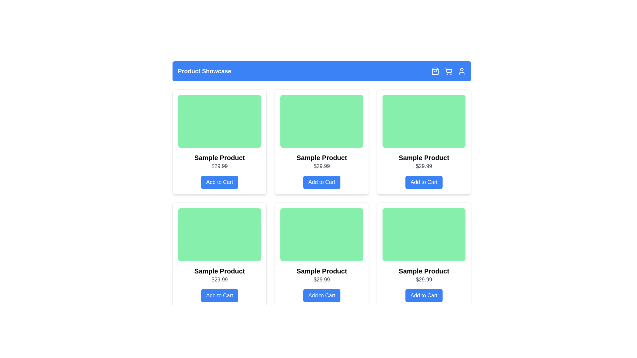 Image resolution: width=637 pixels, height=358 pixels. Describe the element at coordinates (321, 280) in the screenshot. I see `price text element located directly below the title 'Sample Product' and above the 'Add to Cart' button in the center card of the bottom row` at that location.